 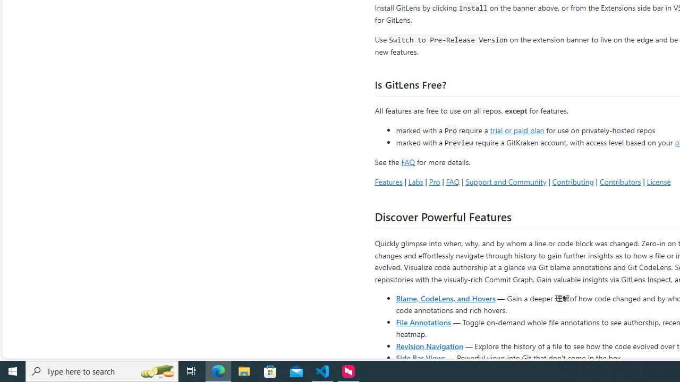 I want to click on 'Labs', so click(x=415, y=181).